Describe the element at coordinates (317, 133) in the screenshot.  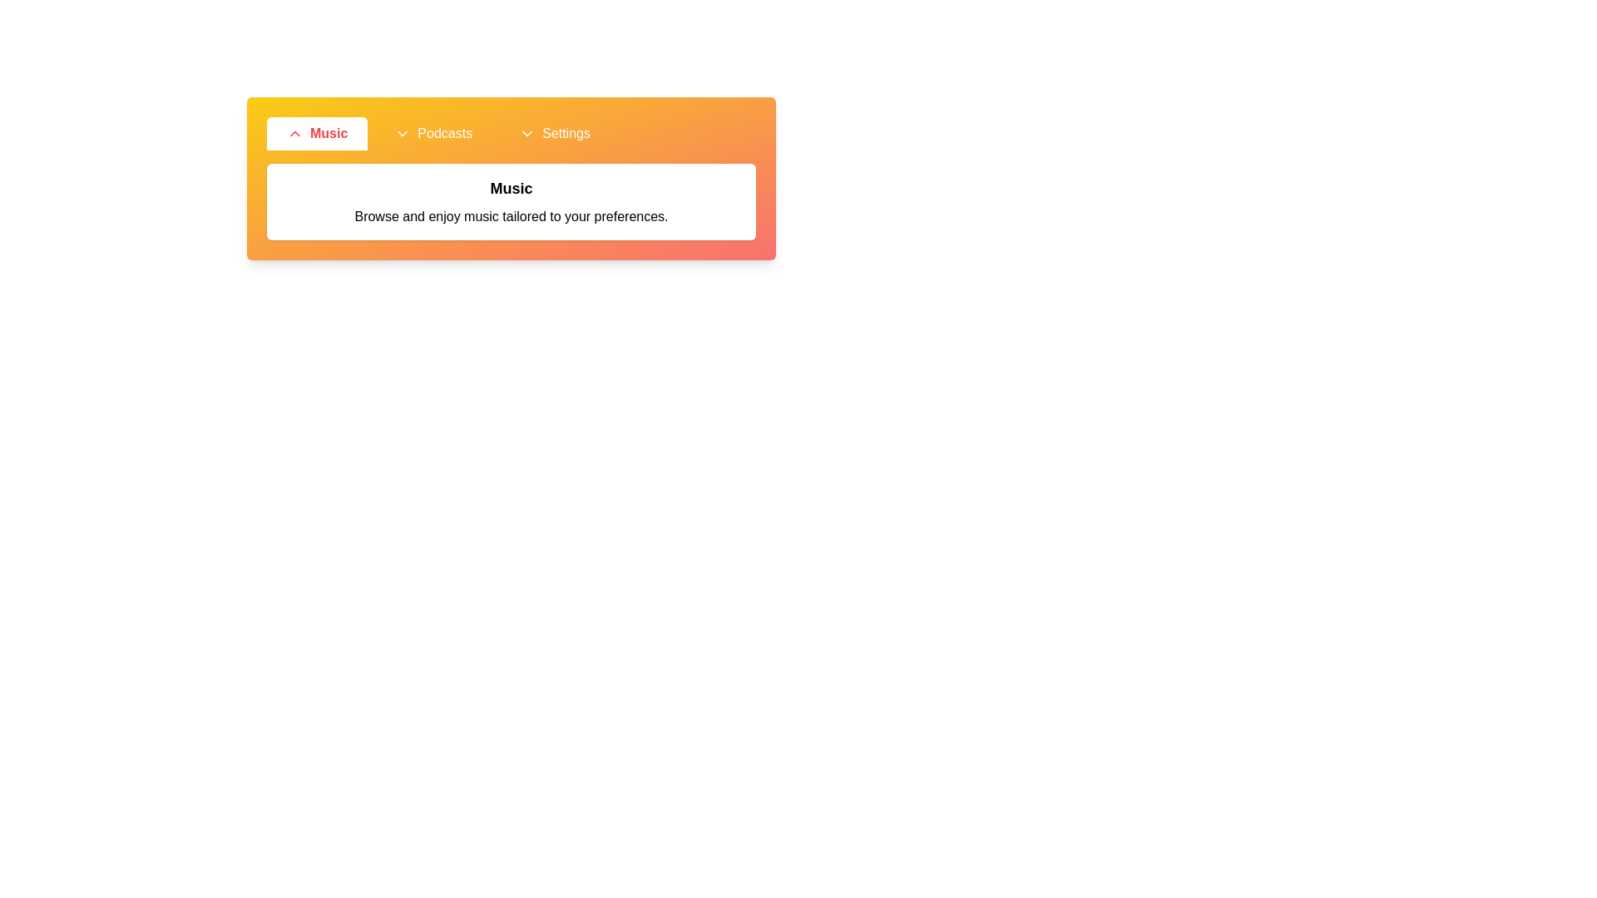
I see `the tab Music and read its displayed content` at that location.